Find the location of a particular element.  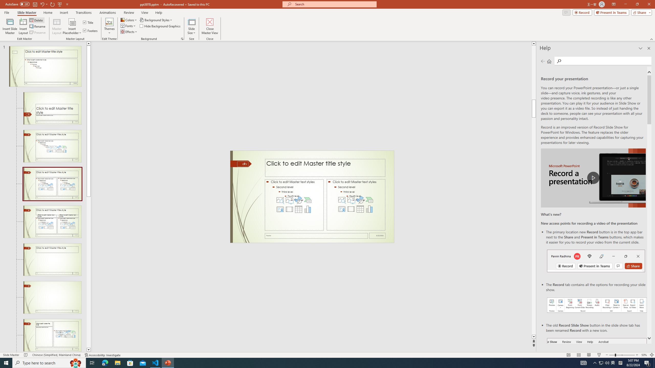

'Insert Cameo' is located at coordinates (342, 209).